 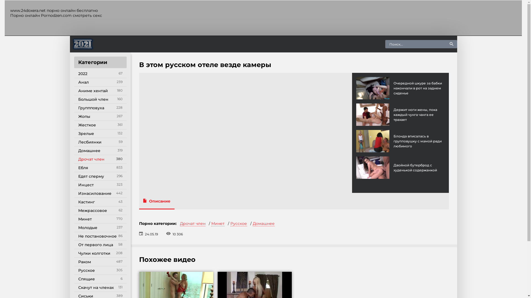 I want to click on 'Pornodzen.com', so click(x=56, y=15).